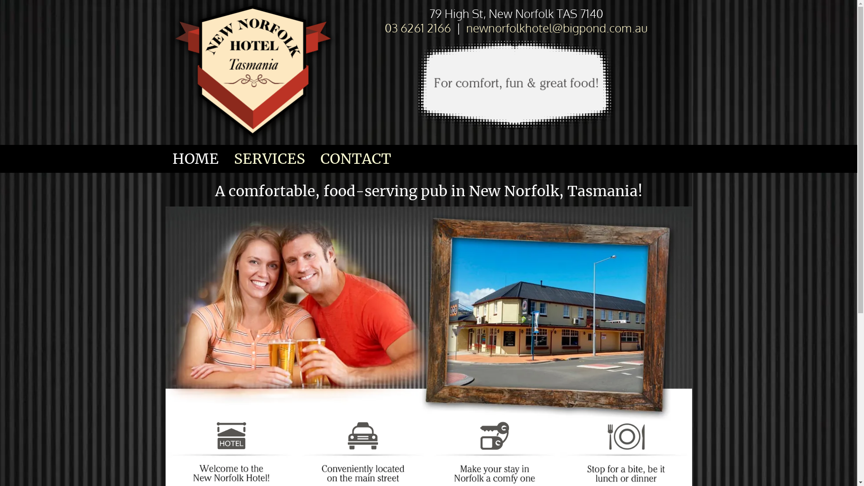 This screenshot has height=486, width=864. What do you see at coordinates (172, 158) in the screenshot?
I see `'HOME'` at bounding box center [172, 158].